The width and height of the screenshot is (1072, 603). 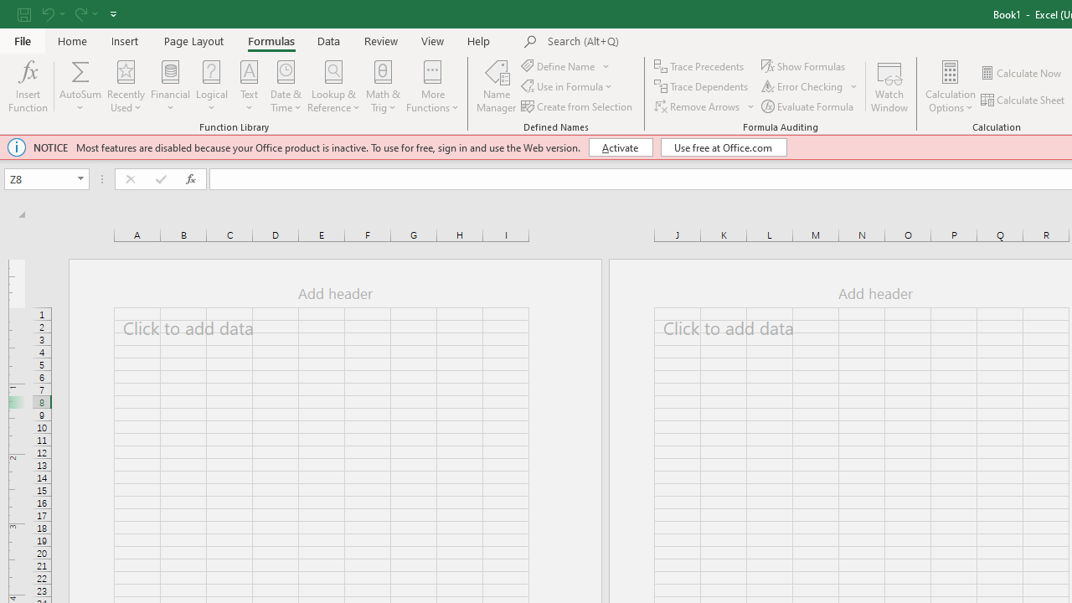 I want to click on 'Name Manager', so click(x=496, y=86).